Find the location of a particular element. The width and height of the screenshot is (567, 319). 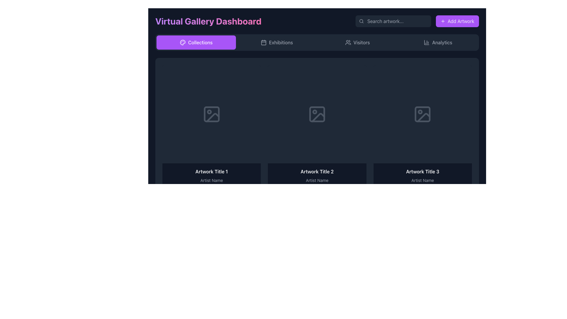

the 'Exhibitions' button in the top navigation bar to interact with the event management features associated with the calendar icon is located at coordinates (263, 42).